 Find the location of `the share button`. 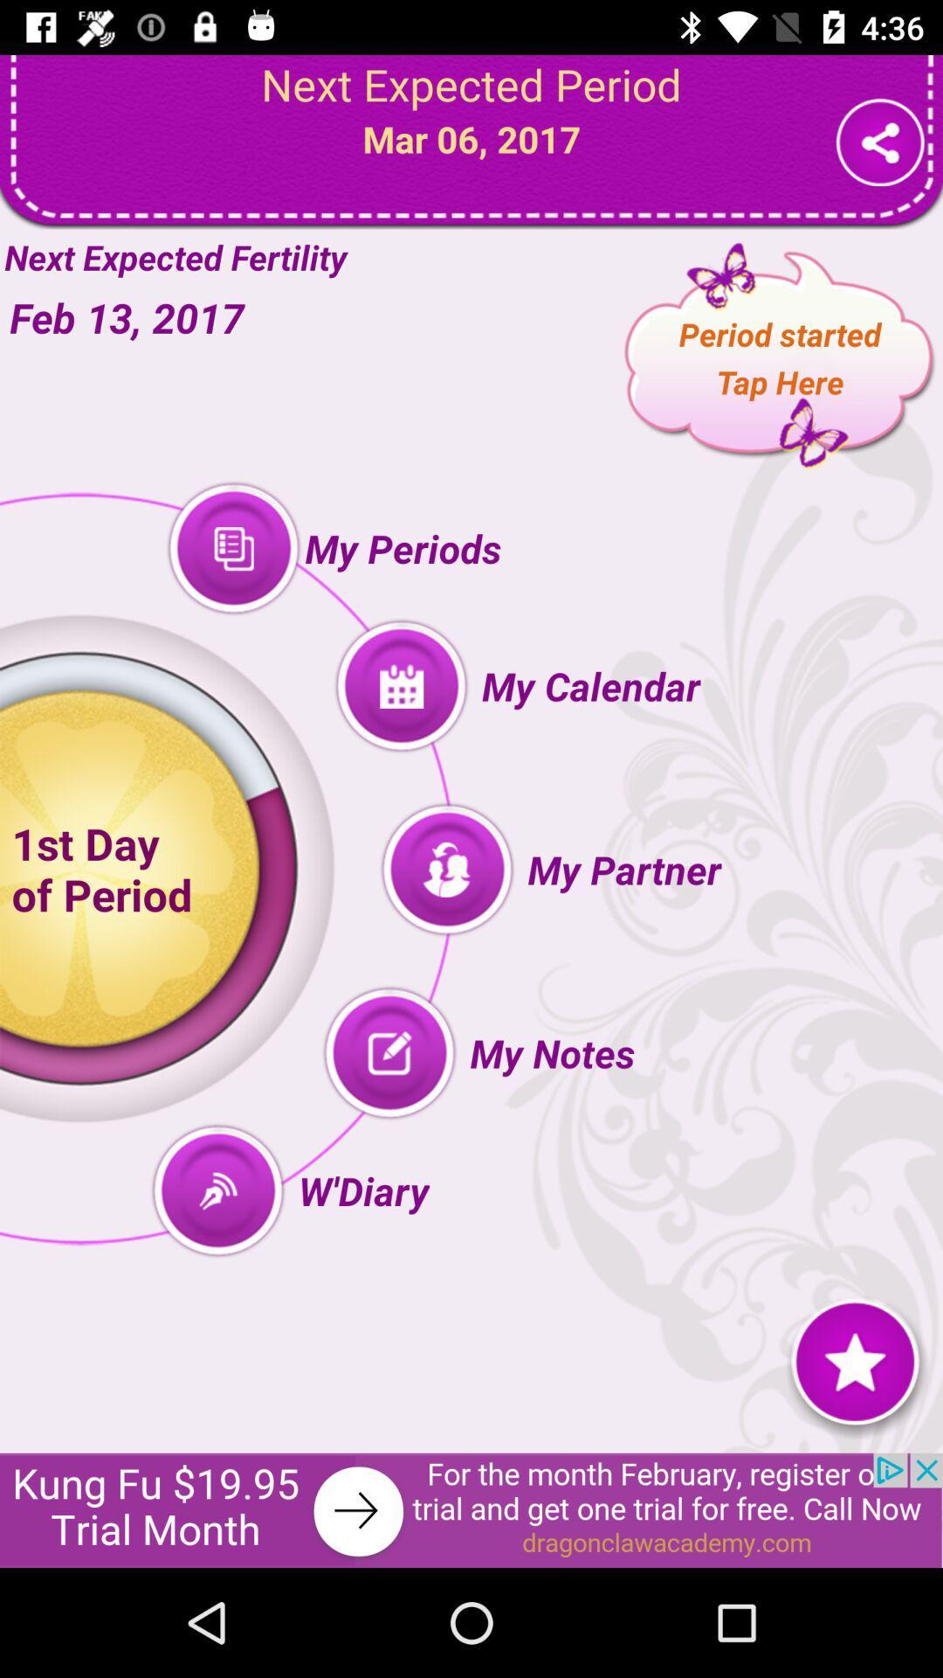

the share button is located at coordinates (880, 142).